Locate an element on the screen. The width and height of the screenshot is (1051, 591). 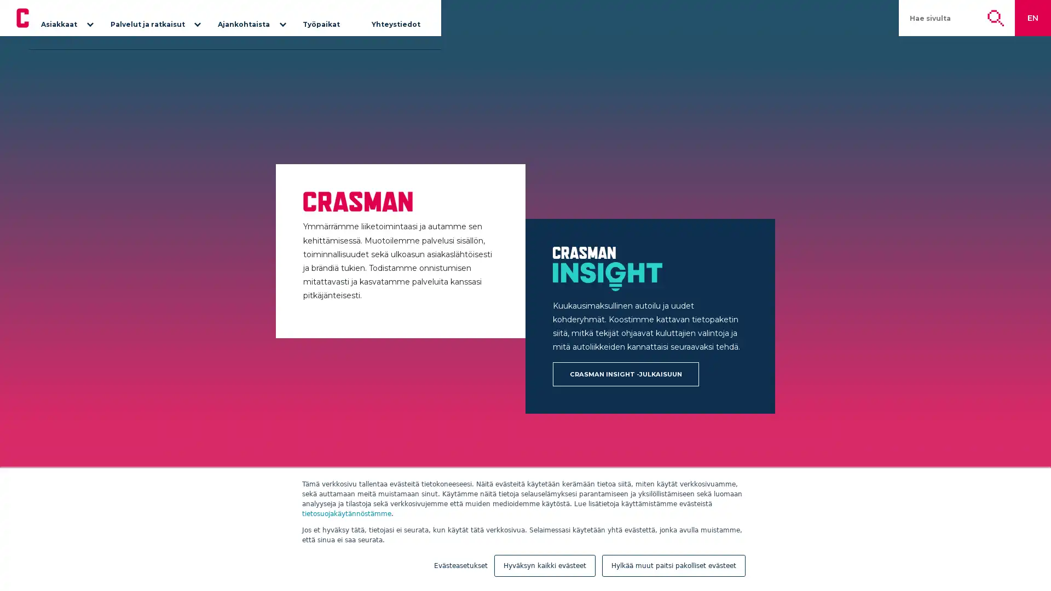
Hyvaksyn kaikki evasteet is located at coordinates (545, 565).